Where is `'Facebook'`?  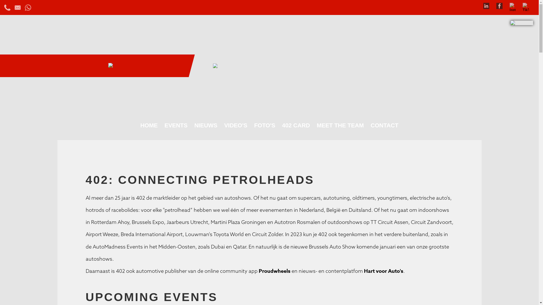 'Facebook' is located at coordinates (499, 5).